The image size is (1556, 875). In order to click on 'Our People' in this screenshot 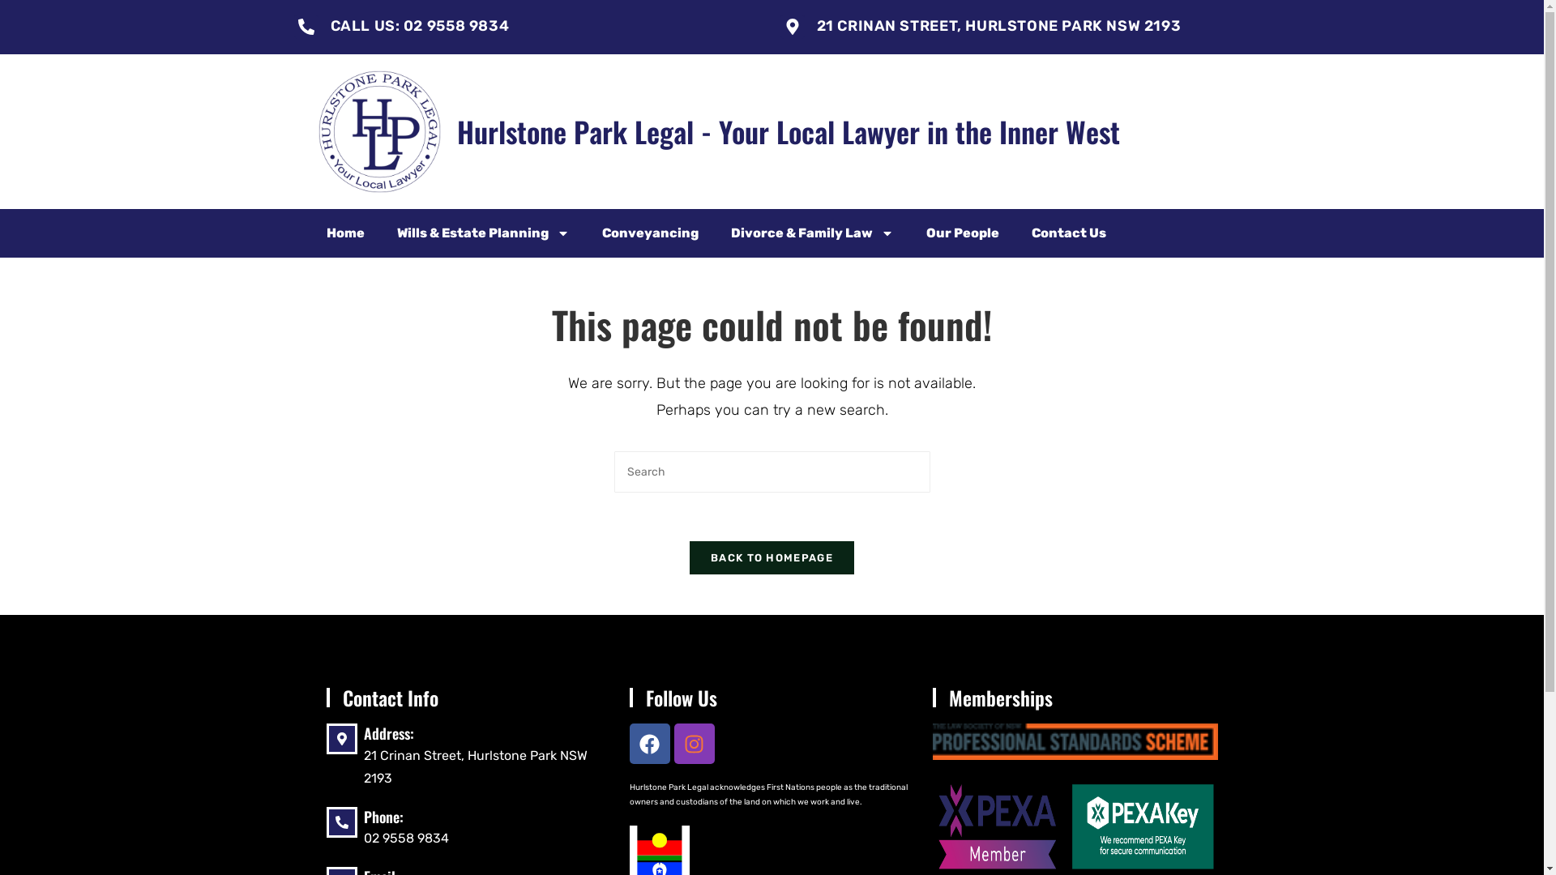, I will do `click(961, 233)`.